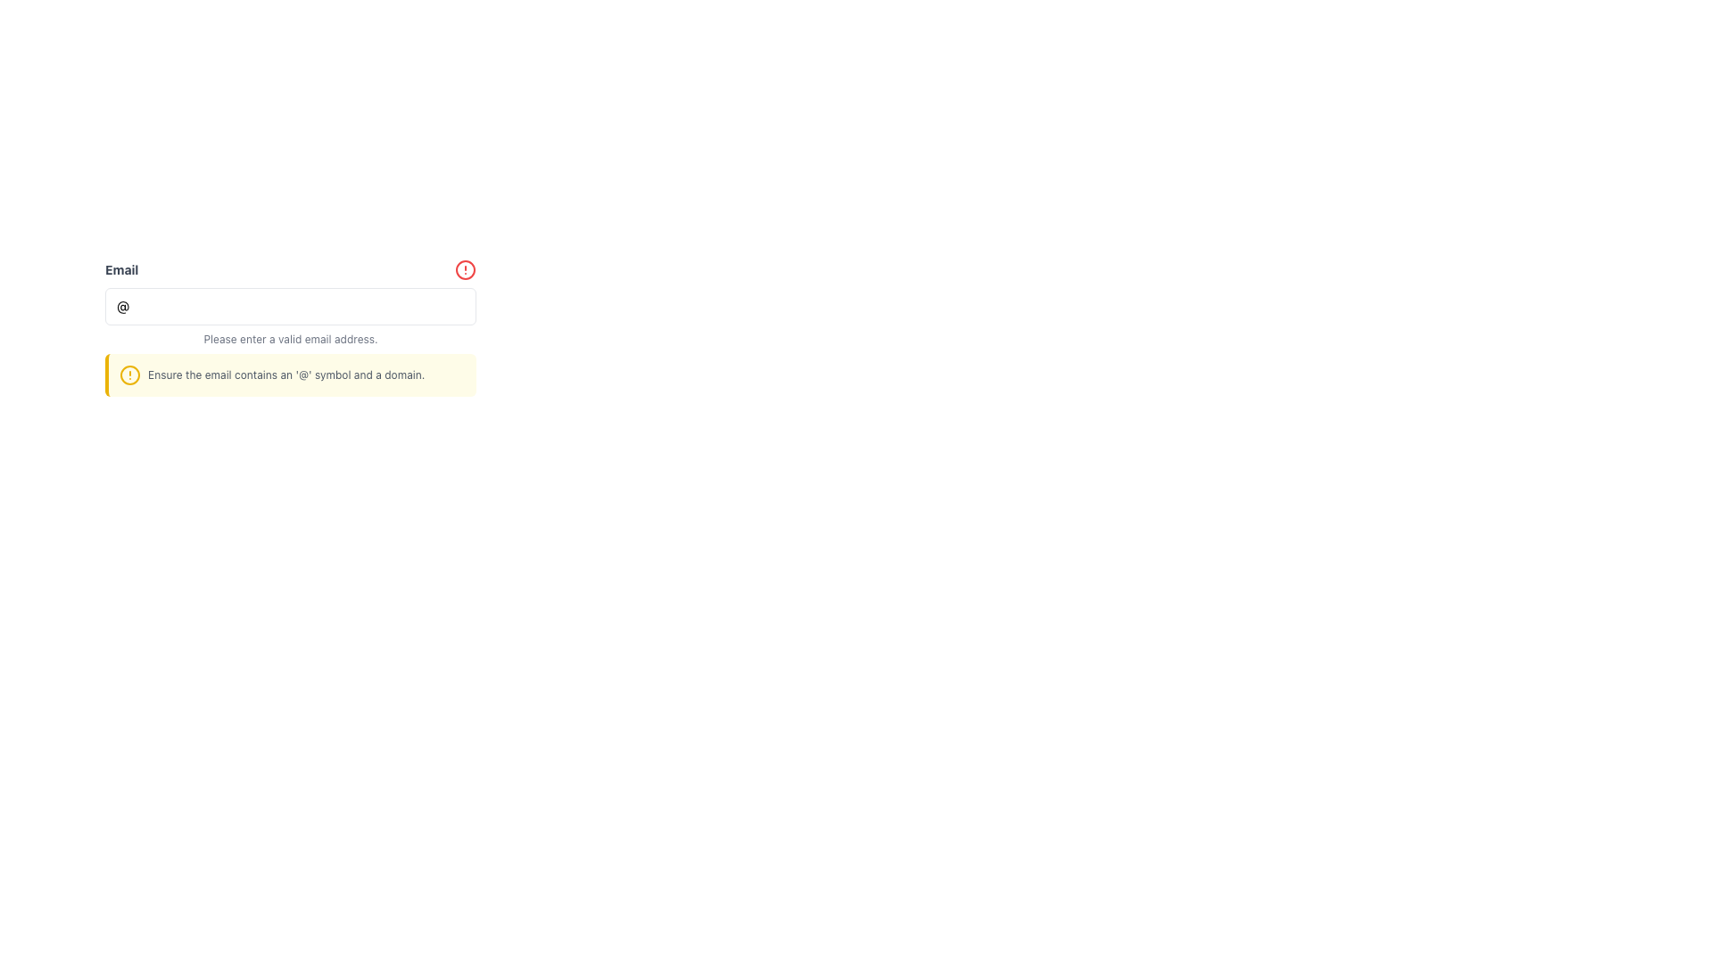 The width and height of the screenshot is (1713, 963). What do you see at coordinates (291, 374) in the screenshot?
I see `the Notification banner that has a light yellow background, a yellow left border, and contains the message 'Ensure the email contains an '@' symbol and a domain.'` at bounding box center [291, 374].